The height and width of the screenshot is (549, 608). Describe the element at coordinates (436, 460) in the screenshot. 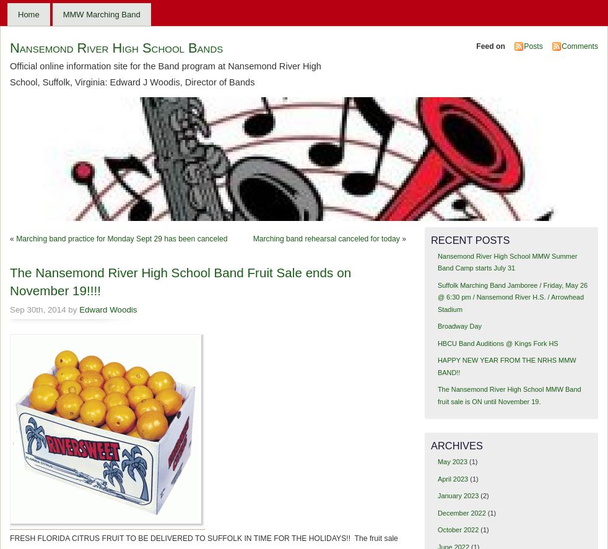

I see `'May 2023'` at that location.